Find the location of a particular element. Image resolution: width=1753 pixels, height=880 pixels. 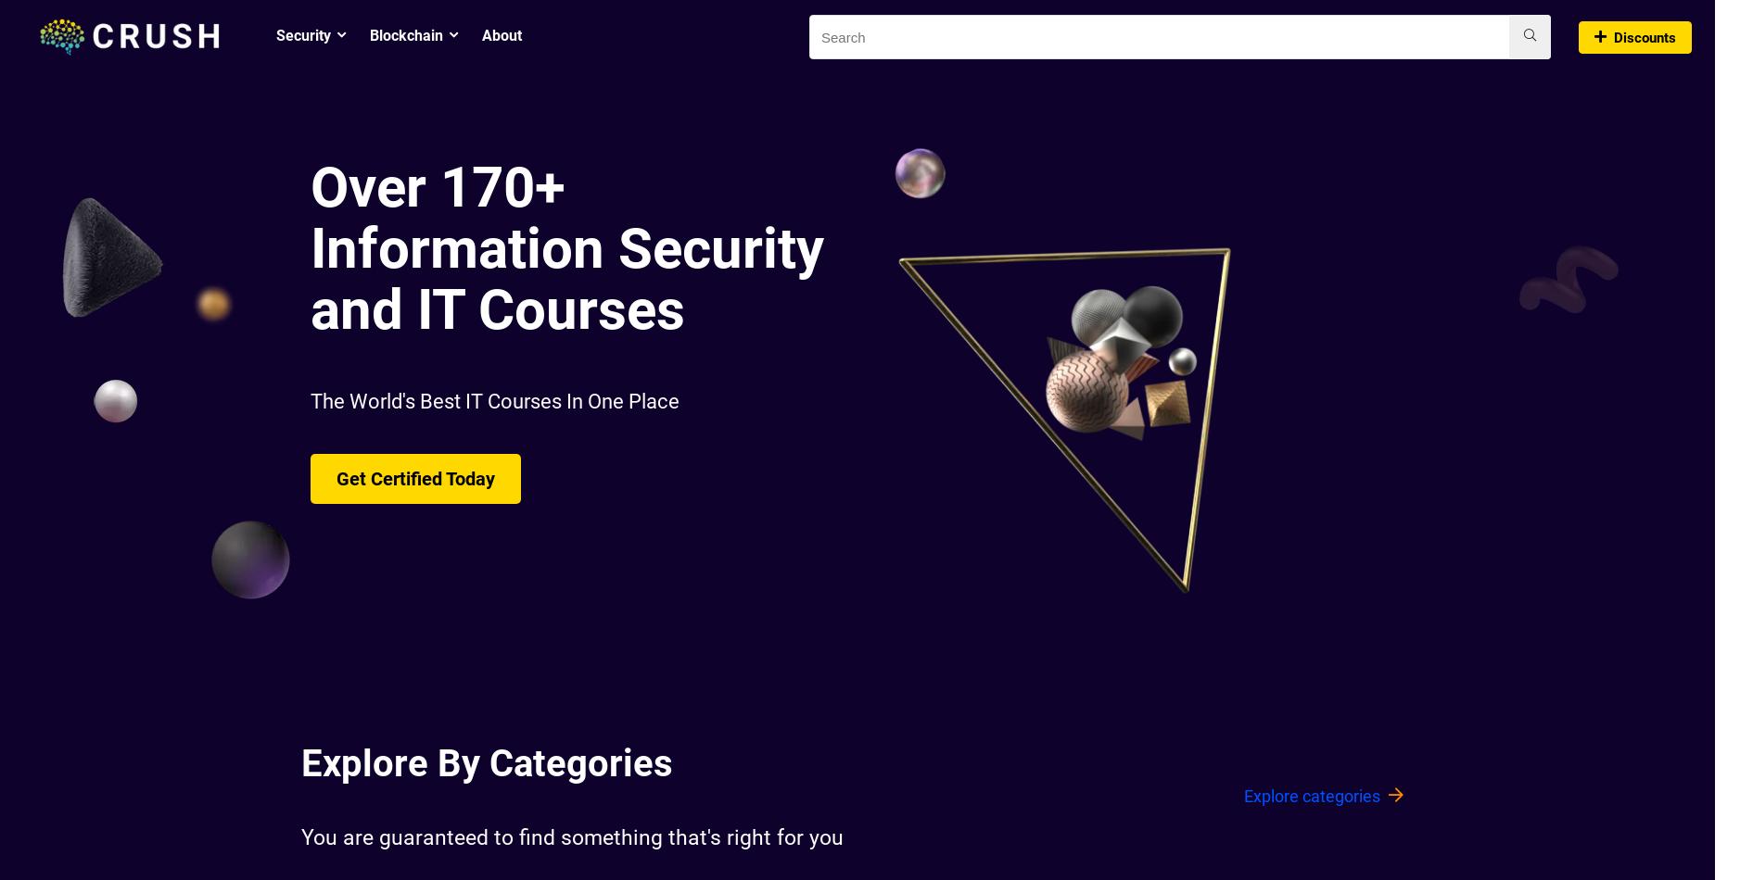

'Information Security and IT Courses' is located at coordinates (566, 278).